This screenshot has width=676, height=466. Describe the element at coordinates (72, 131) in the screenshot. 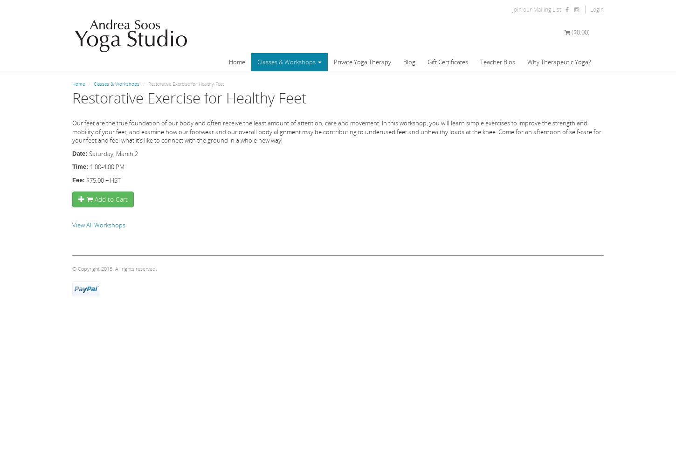

I see `'Our feet are the true foundation of our body and often receive the least amount of attention, care and movement. In this workshop, you will learn simple exercises to improve the strength and mobility of your feet, and examine how our footwear and our overall body alignment may be contributing to underused feet and unhealthy loads at the knee. Come for an afternoon of self-care for your feet and feel what it’s like to connect with the ground in a whole new way!'` at that location.